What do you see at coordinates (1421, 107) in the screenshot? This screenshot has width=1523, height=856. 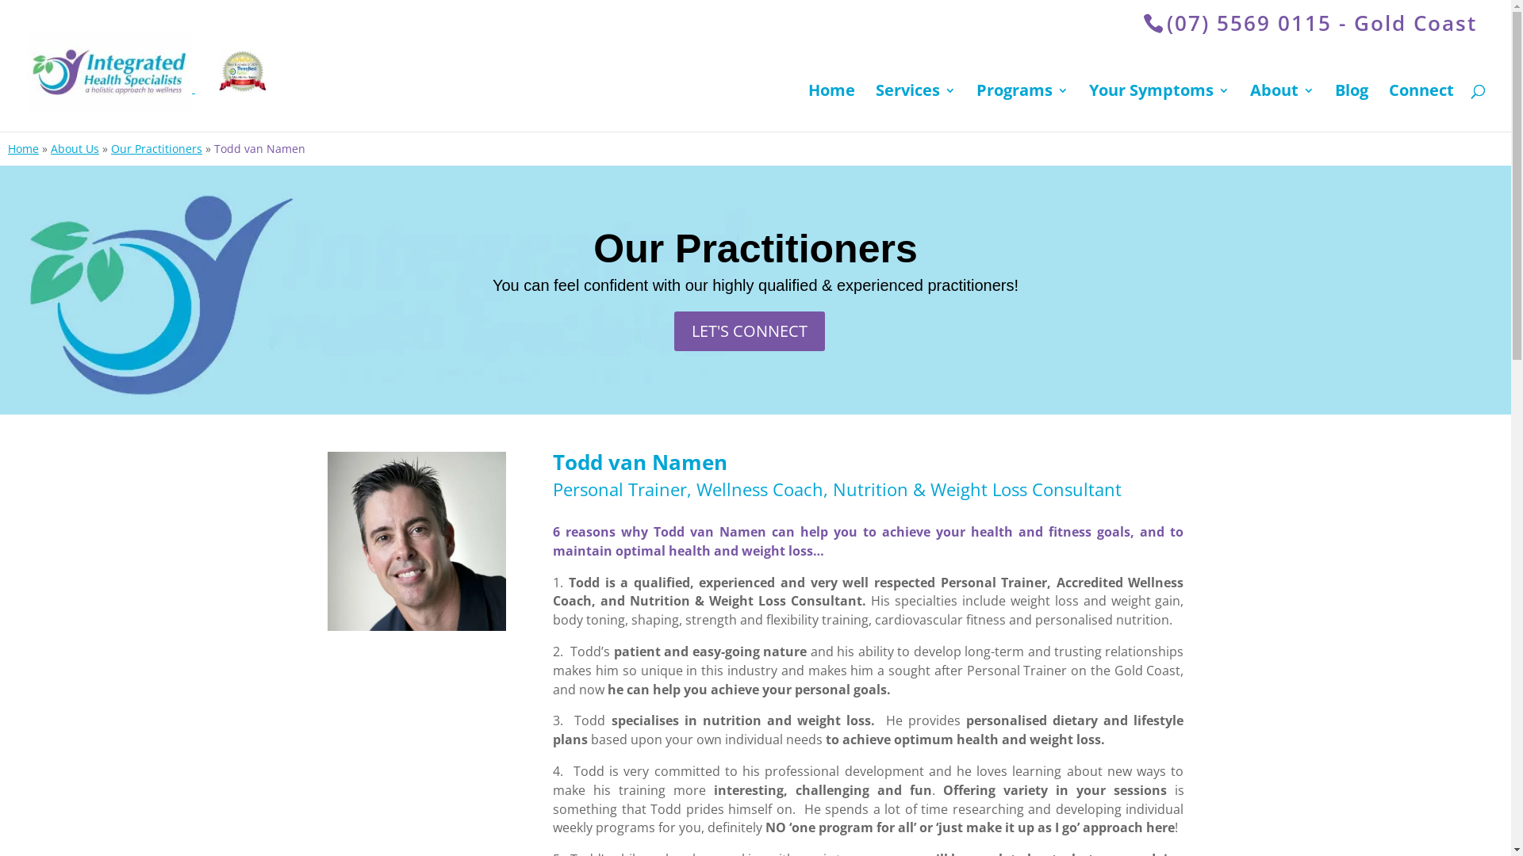 I see `'Connect'` at bounding box center [1421, 107].